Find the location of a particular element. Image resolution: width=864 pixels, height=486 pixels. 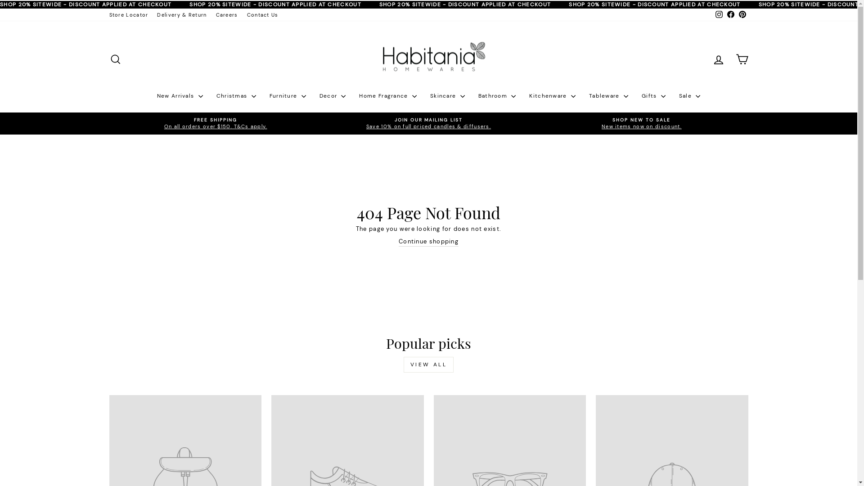

'Facebook' is located at coordinates (730, 15).